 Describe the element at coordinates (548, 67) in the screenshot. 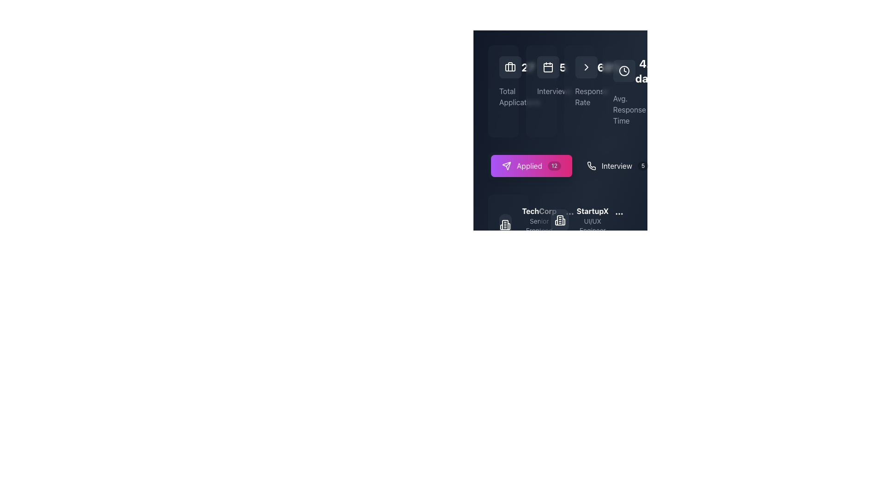

I see `the square-shaped icon with rounded corners featuring a dark gray background and a white calendar symbol, located as the third icon from the left in the top row of icons` at that location.